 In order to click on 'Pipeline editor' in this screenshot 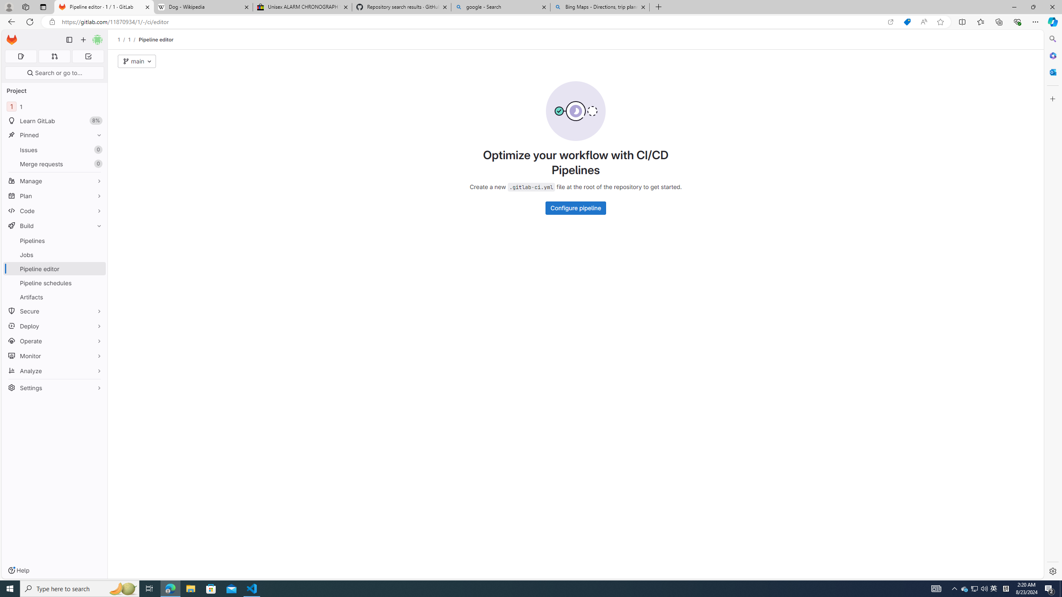, I will do `click(156, 39)`.